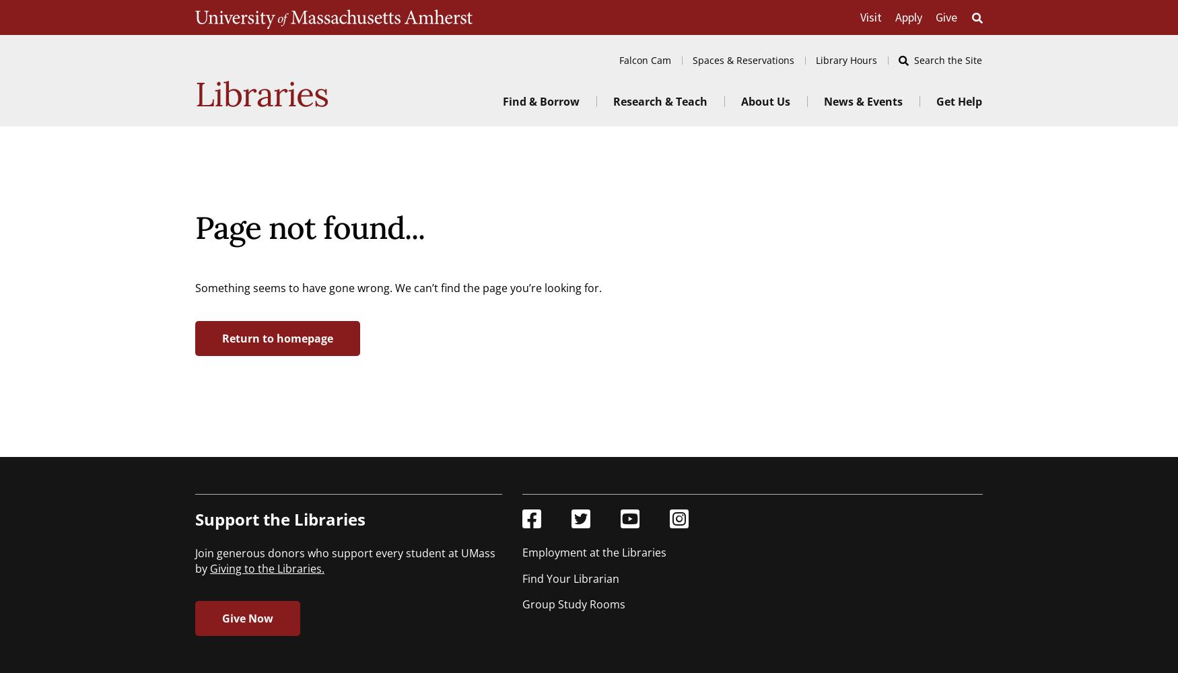 The image size is (1178, 673). What do you see at coordinates (267, 567) in the screenshot?
I see `'Giving to the Libraries.'` at bounding box center [267, 567].